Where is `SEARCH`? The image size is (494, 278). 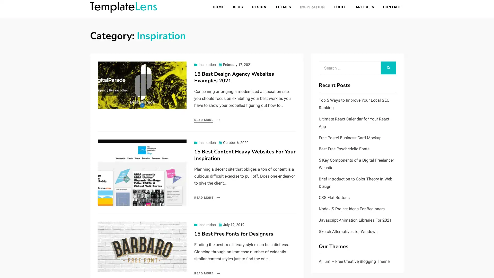
SEARCH is located at coordinates (389, 68).